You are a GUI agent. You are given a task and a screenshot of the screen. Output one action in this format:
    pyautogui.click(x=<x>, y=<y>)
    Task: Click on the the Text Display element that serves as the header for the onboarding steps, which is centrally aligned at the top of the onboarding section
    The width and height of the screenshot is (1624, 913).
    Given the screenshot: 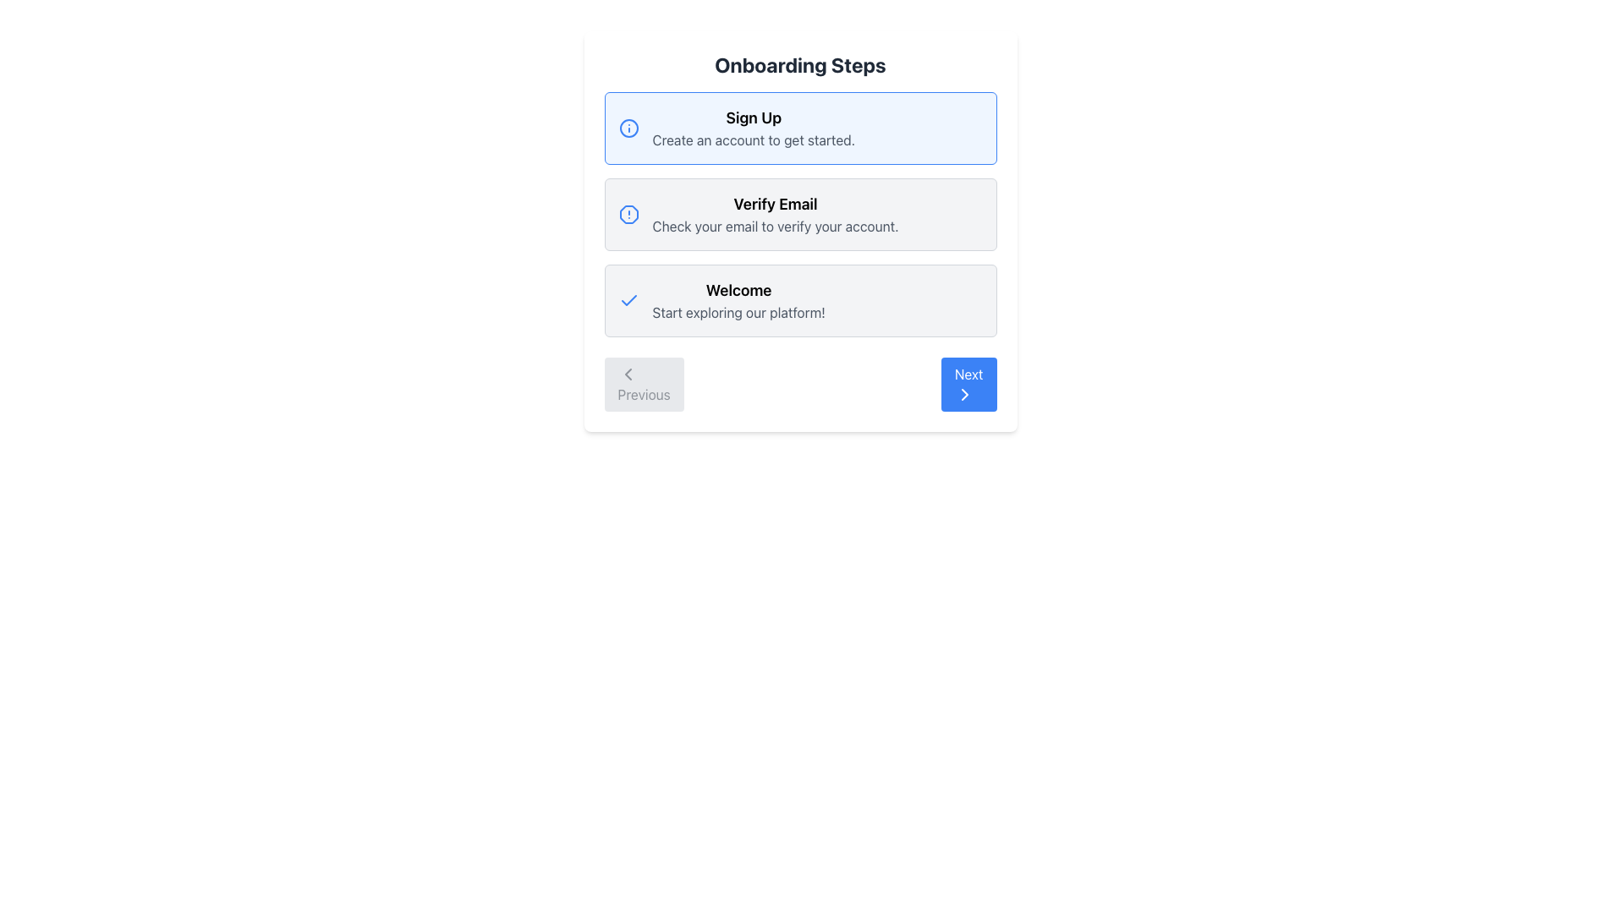 What is the action you would take?
    pyautogui.click(x=799, y=64)
    